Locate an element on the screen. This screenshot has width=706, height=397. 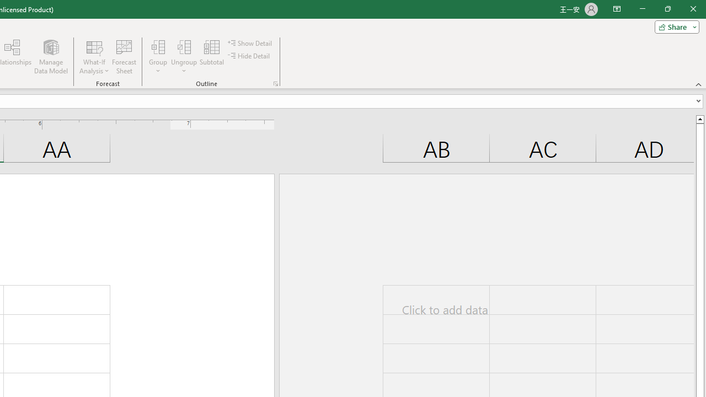
'Minimize' is located at coordinates (642, 9).